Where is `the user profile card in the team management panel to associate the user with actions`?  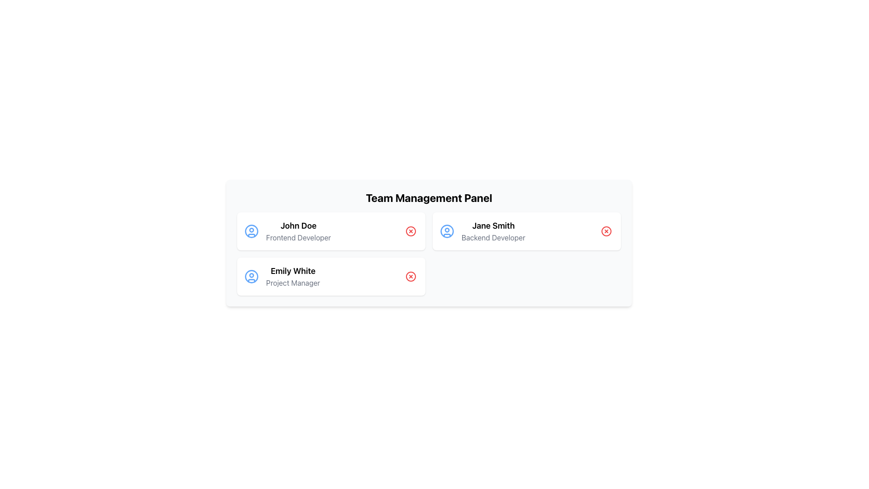
the user profile card in the team management panel to associate the user with actions is located at coordinates (330, 230).